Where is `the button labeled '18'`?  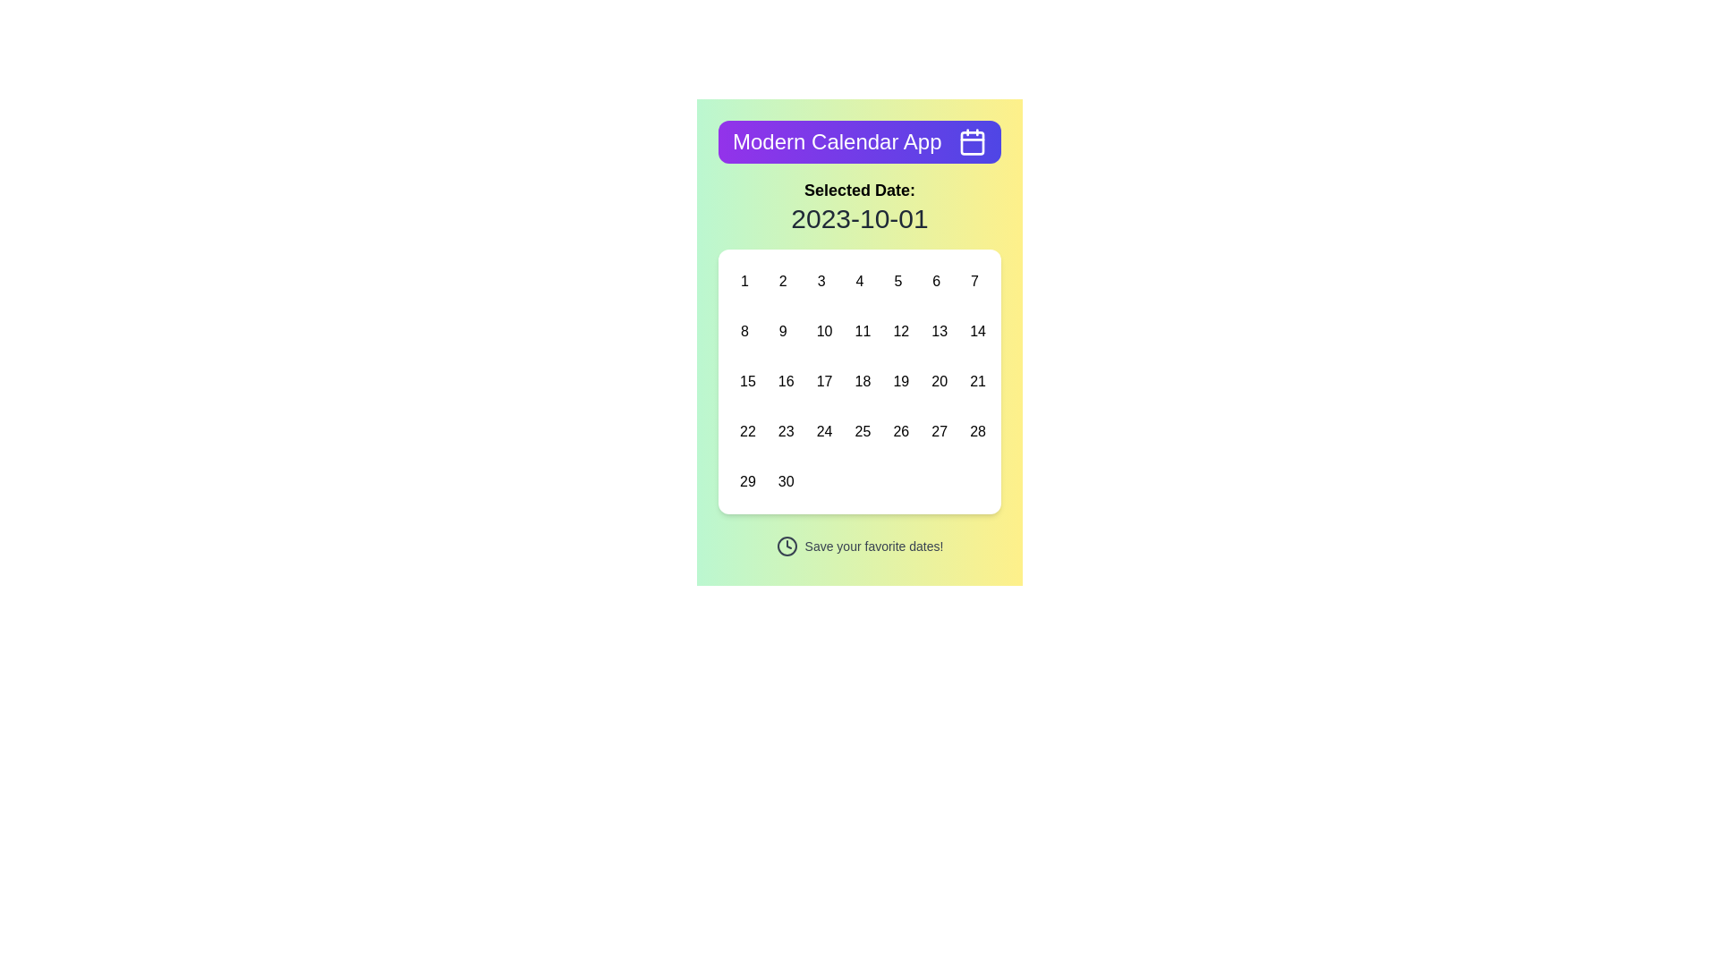 the button labeled '18' is located at coordinates (859, 381).